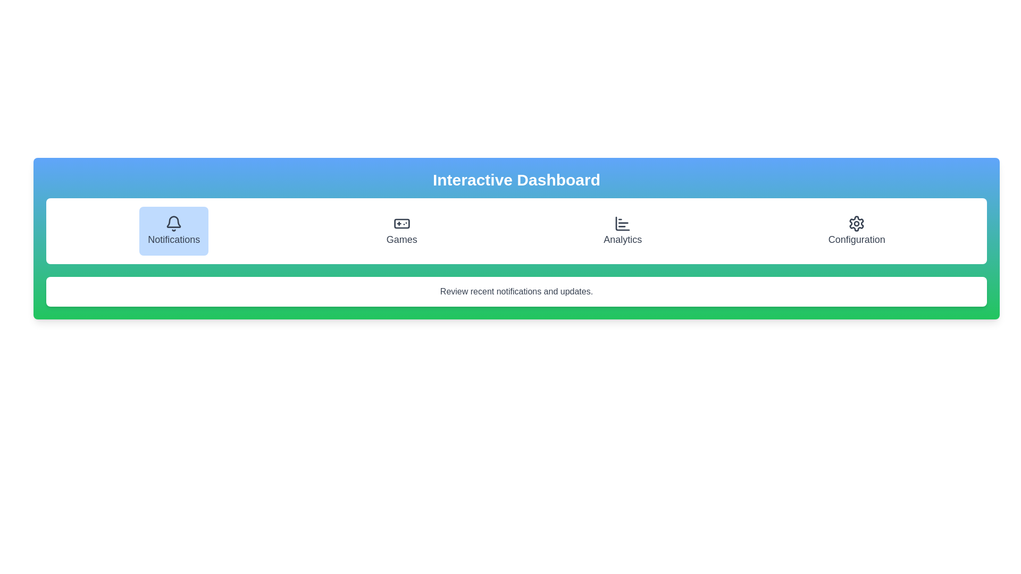 The height and width of the screenshot is (574, 1021). Describe the element at coordinates (173, 231) in the screenshot. I see `the tab corresponding to Notifications` at that location.